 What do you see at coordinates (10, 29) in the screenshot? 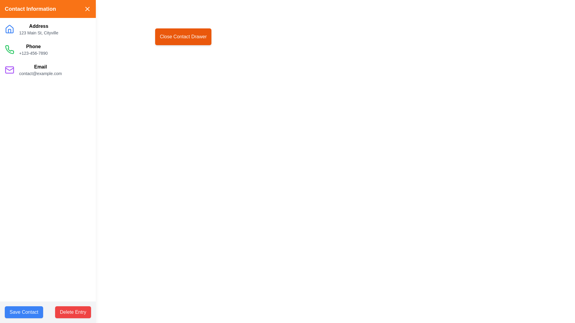
I see `the blue house SVG icon located to the left of the 'Address' text in the contact information panel` at bounding box center [10, 29].